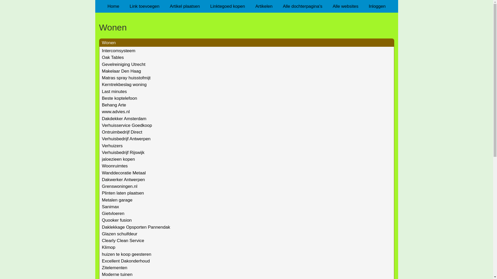 This screenshot has height=279, width=497. Describe the element at coordinates (377, 6) in the screenshot. I see `'Inloggen'` at that location.